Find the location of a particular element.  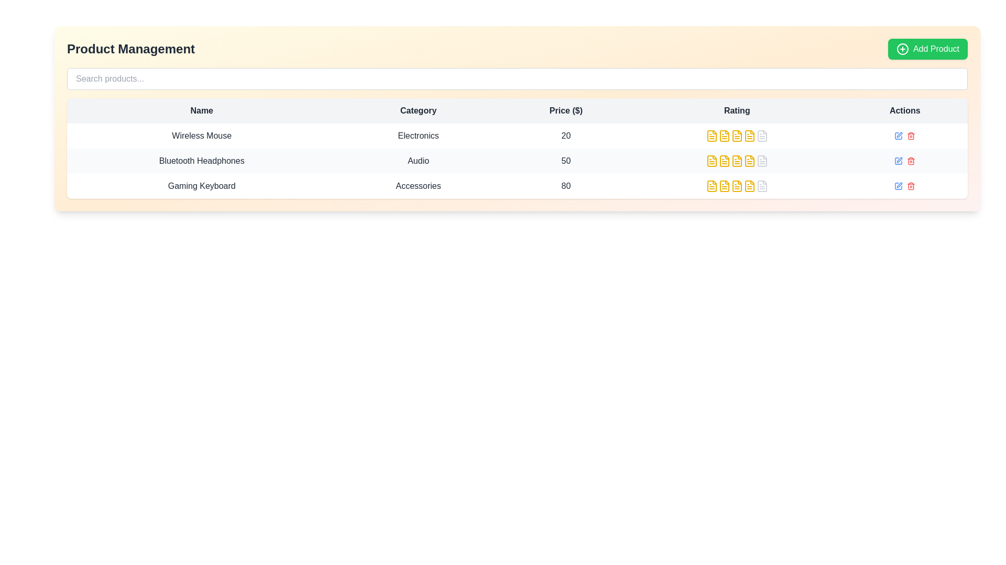

the fourth icon in the 'Rating' column for the Bluetooth Headphones product entry, which represents an interactive rating option is located at coordinates (749, 135).